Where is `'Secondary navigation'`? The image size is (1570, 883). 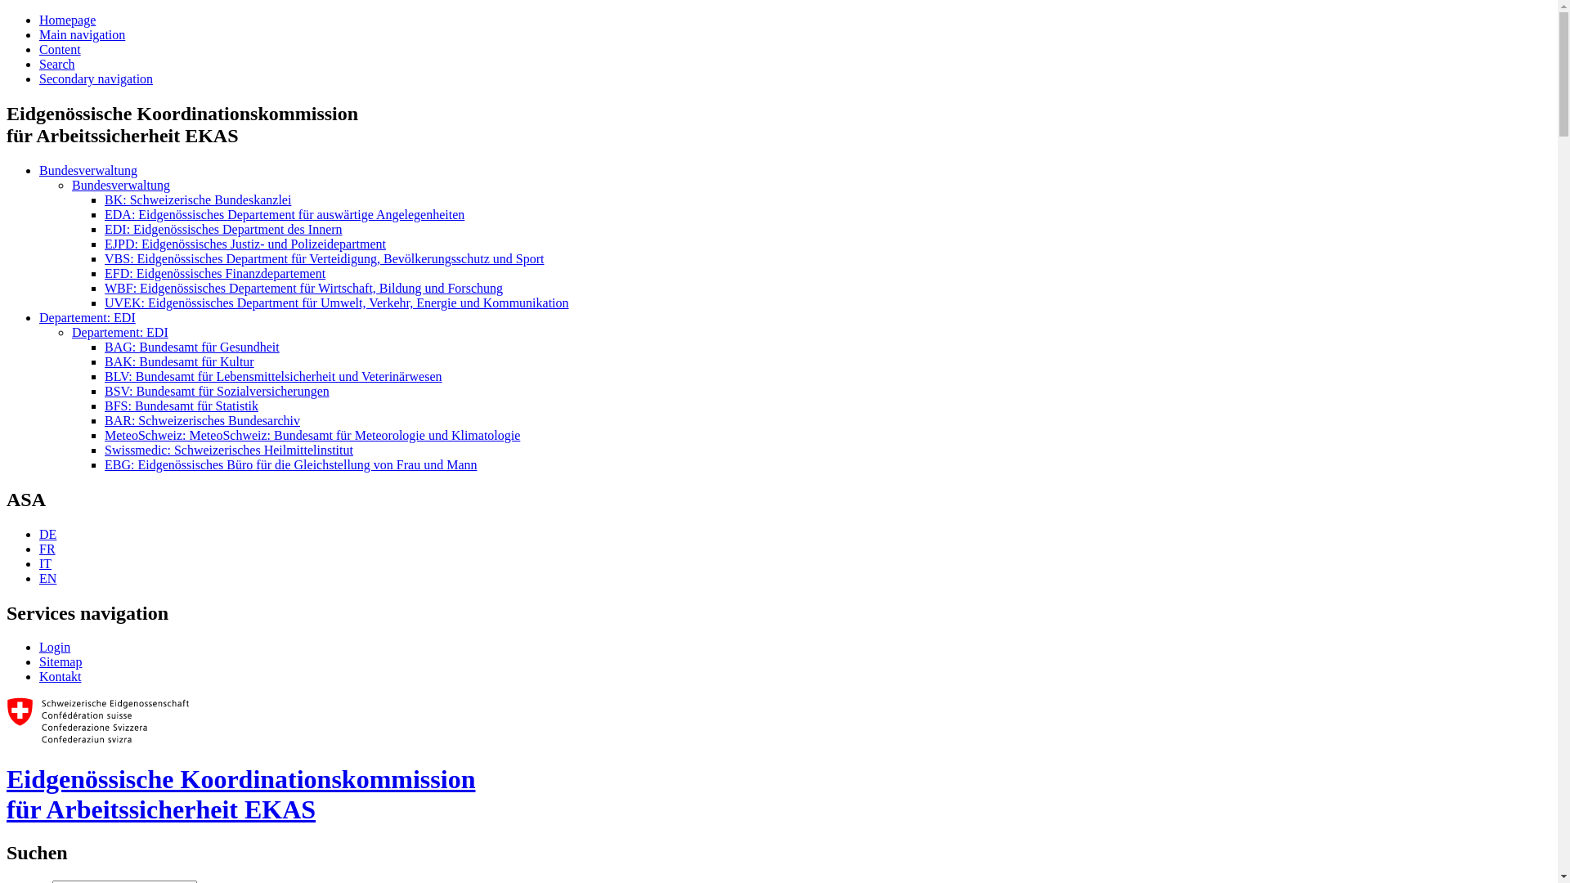
'Secondary navigation' is located at coordinates (95, 78).